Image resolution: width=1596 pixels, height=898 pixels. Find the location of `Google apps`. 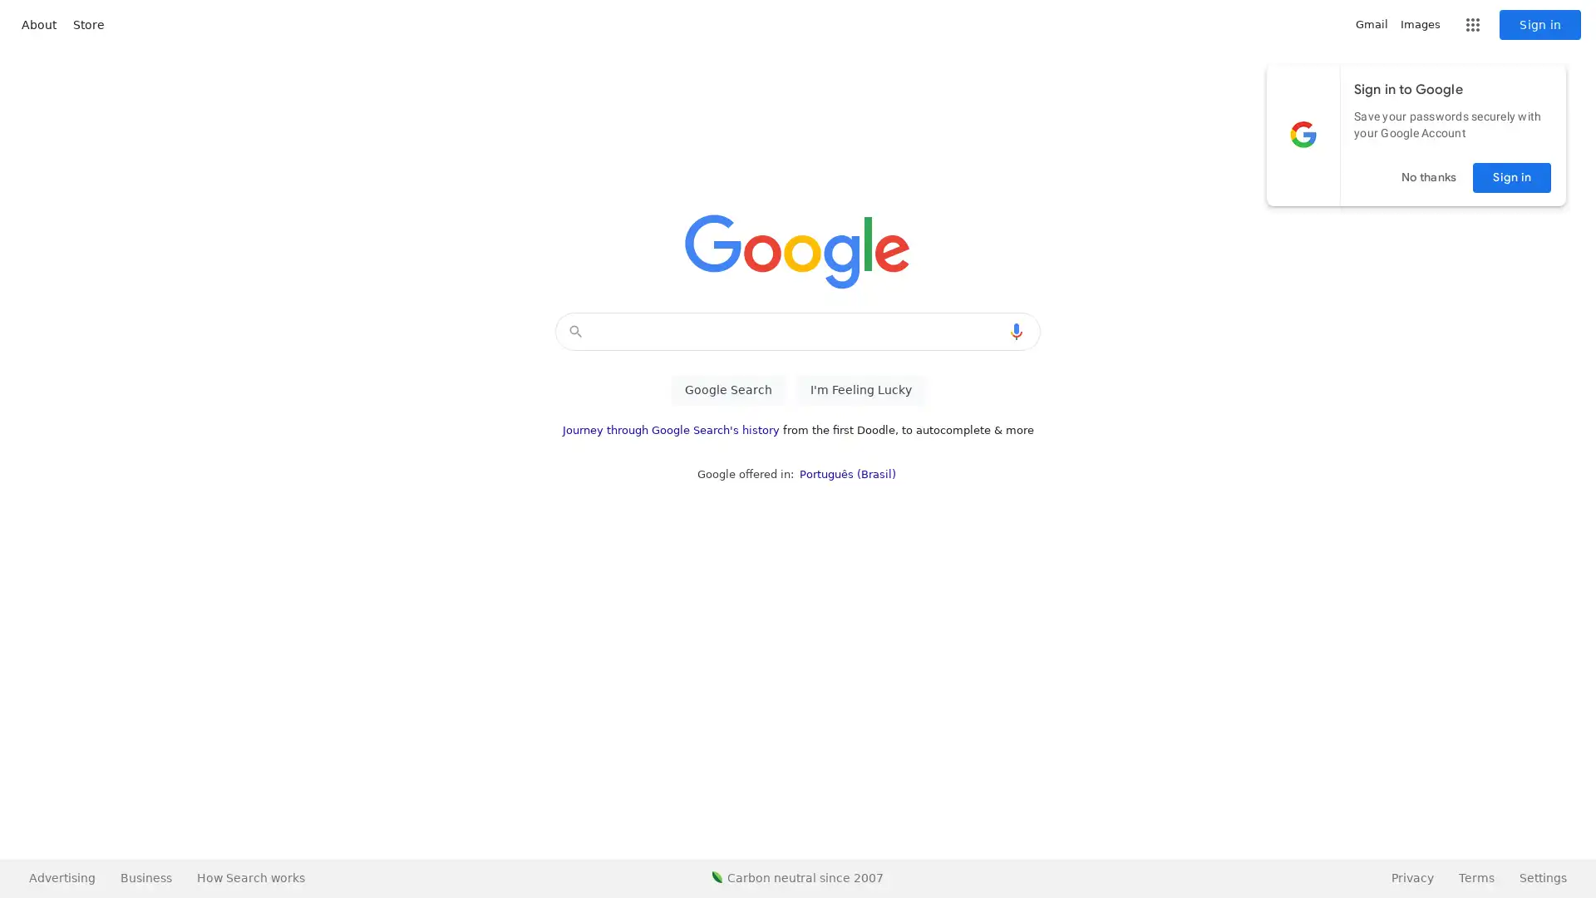

Google apps is located at coordinates (1472, 25).